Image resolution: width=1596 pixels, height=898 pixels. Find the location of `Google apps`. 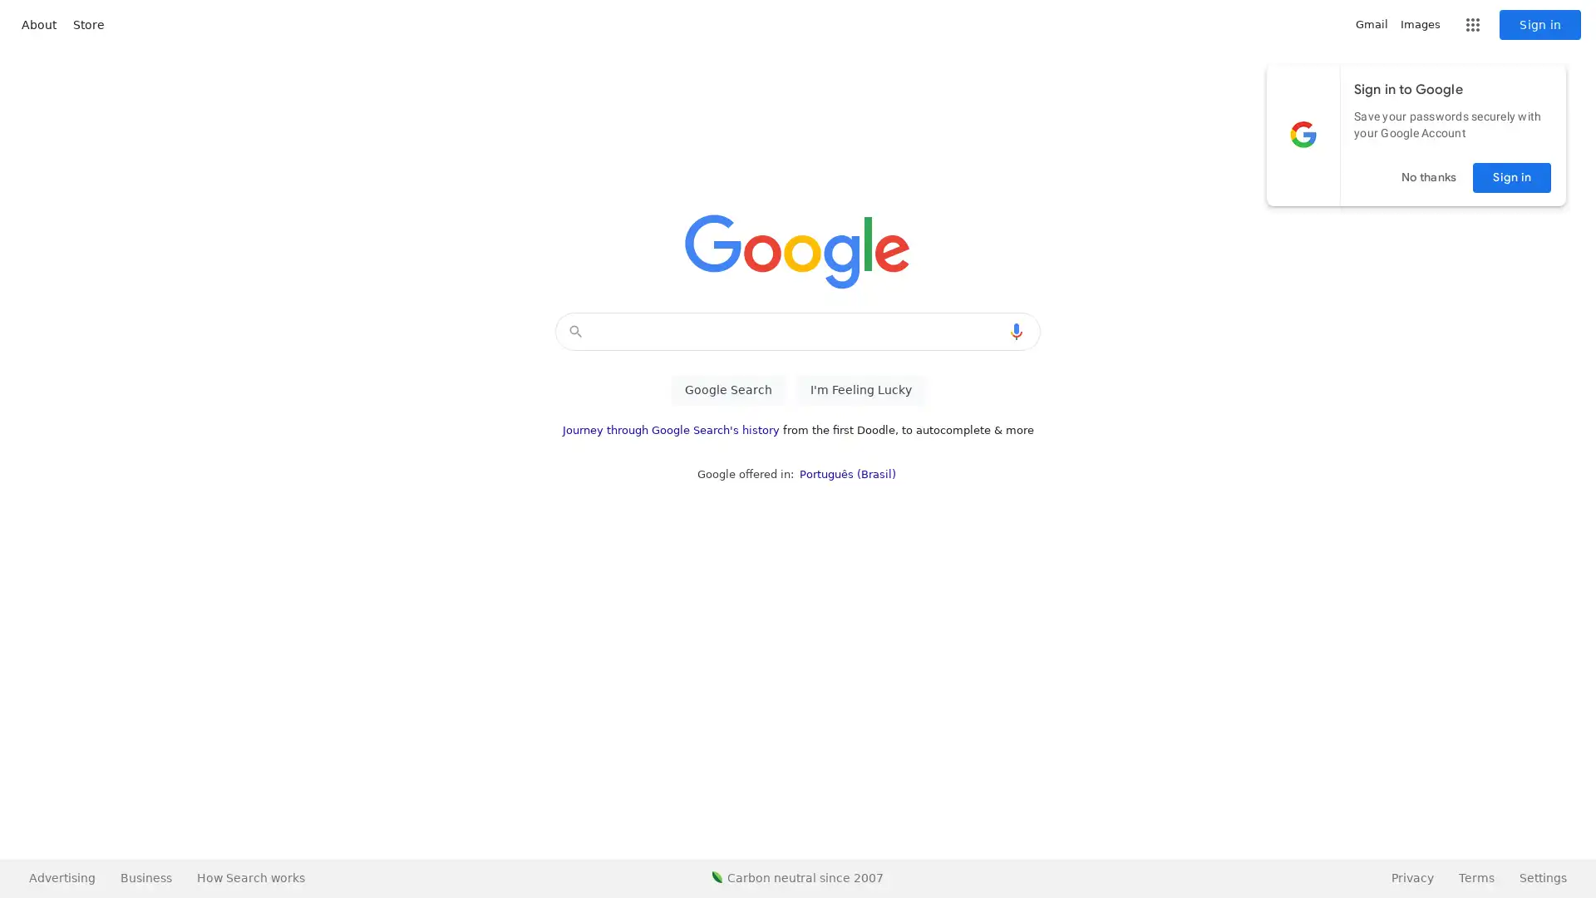

Google apps is located at coordinates (1472, 25).